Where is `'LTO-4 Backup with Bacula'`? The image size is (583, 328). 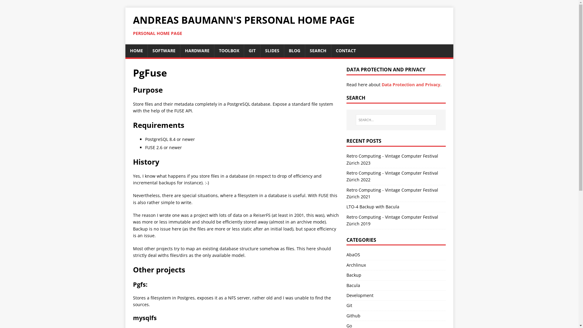
'LTO-4 Backup with Bacula' is located at coordinates (373, 206).